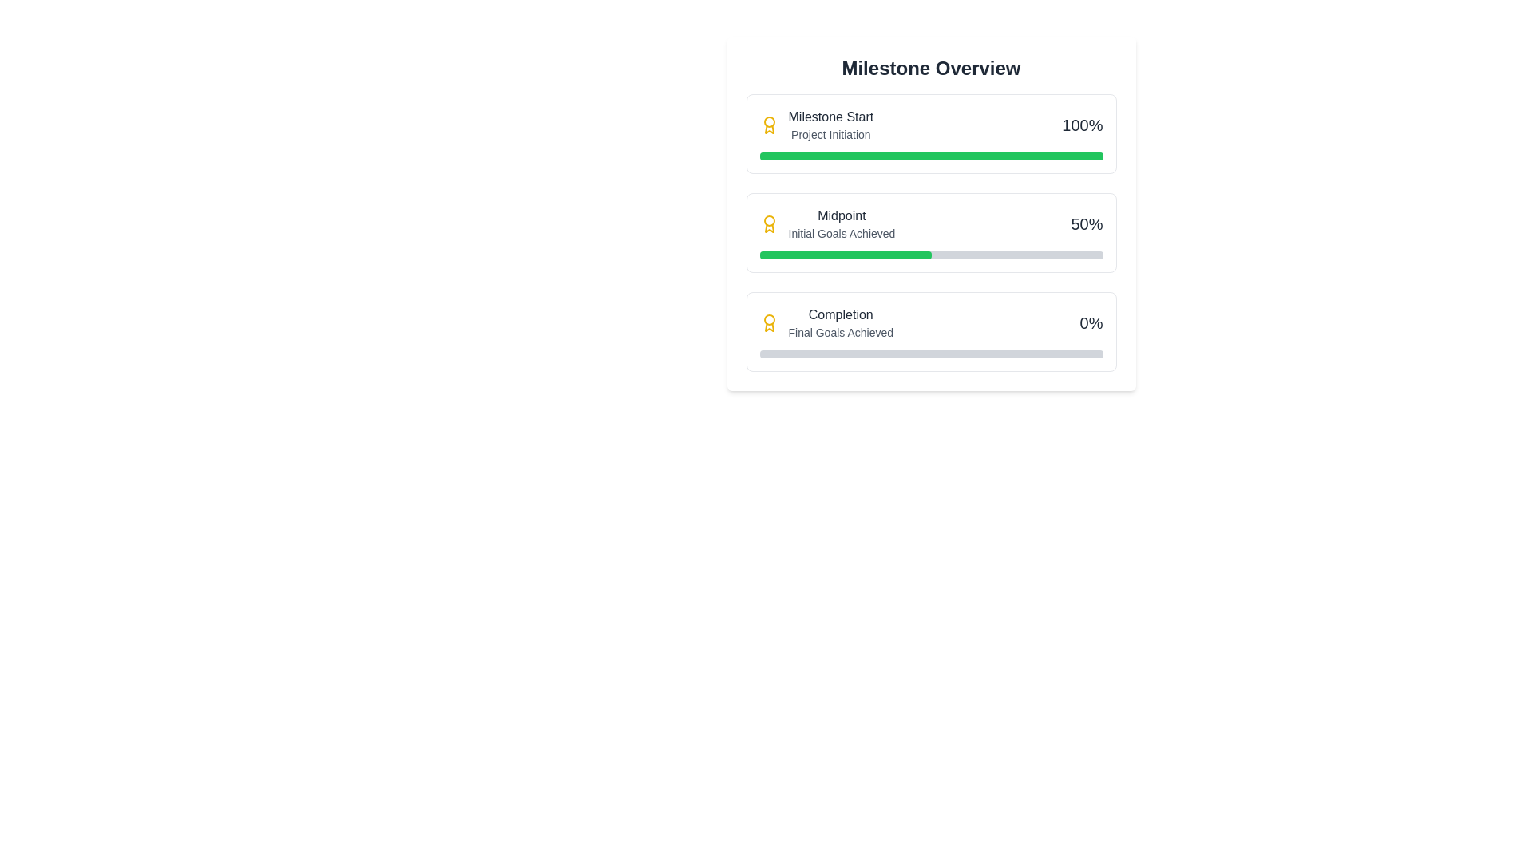 This screenshot has width=1533, height=862. Describe the element at coordinates (827, 224) in the screenshot. I see `the milestone marker labeled 'Midpoint' with the yellow award icon and the text 'Initial Goals Achieved'` at that location.